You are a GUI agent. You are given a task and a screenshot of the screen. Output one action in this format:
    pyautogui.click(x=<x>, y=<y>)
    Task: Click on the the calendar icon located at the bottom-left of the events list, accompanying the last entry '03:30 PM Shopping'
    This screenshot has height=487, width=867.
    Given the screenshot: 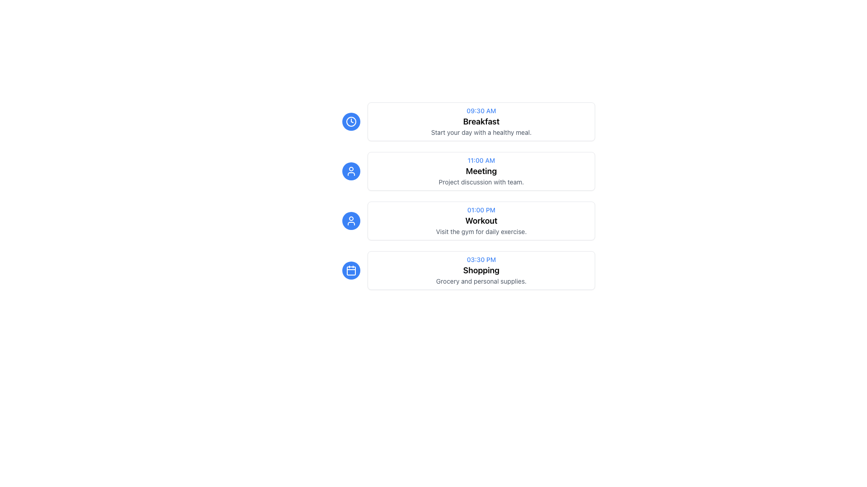 What is the action you would take?
    pyautogui.click(x=350, y=270)
    